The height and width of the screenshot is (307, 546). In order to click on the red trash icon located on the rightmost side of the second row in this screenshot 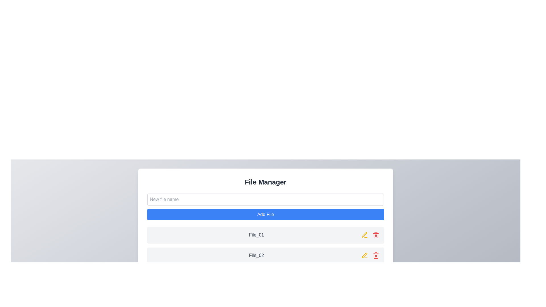, I will do `click(376, 235)`.